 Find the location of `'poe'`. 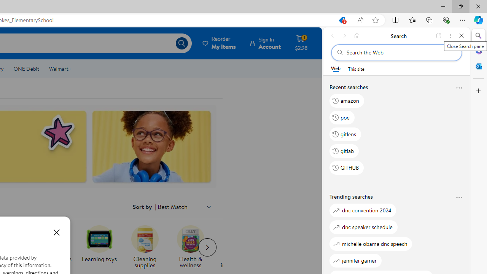

'poe' is located at coordinates (342, 117).